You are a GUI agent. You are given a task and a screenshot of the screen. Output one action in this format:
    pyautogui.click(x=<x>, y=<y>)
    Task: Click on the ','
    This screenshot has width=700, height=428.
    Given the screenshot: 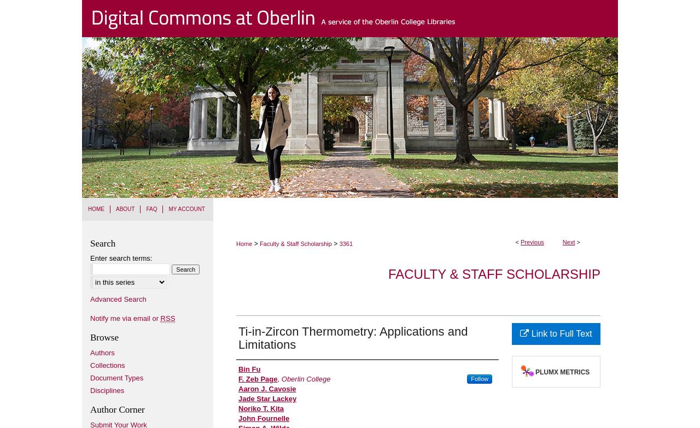 What is the action you would take?
    pyautogui.click(x=279, y=378)
    